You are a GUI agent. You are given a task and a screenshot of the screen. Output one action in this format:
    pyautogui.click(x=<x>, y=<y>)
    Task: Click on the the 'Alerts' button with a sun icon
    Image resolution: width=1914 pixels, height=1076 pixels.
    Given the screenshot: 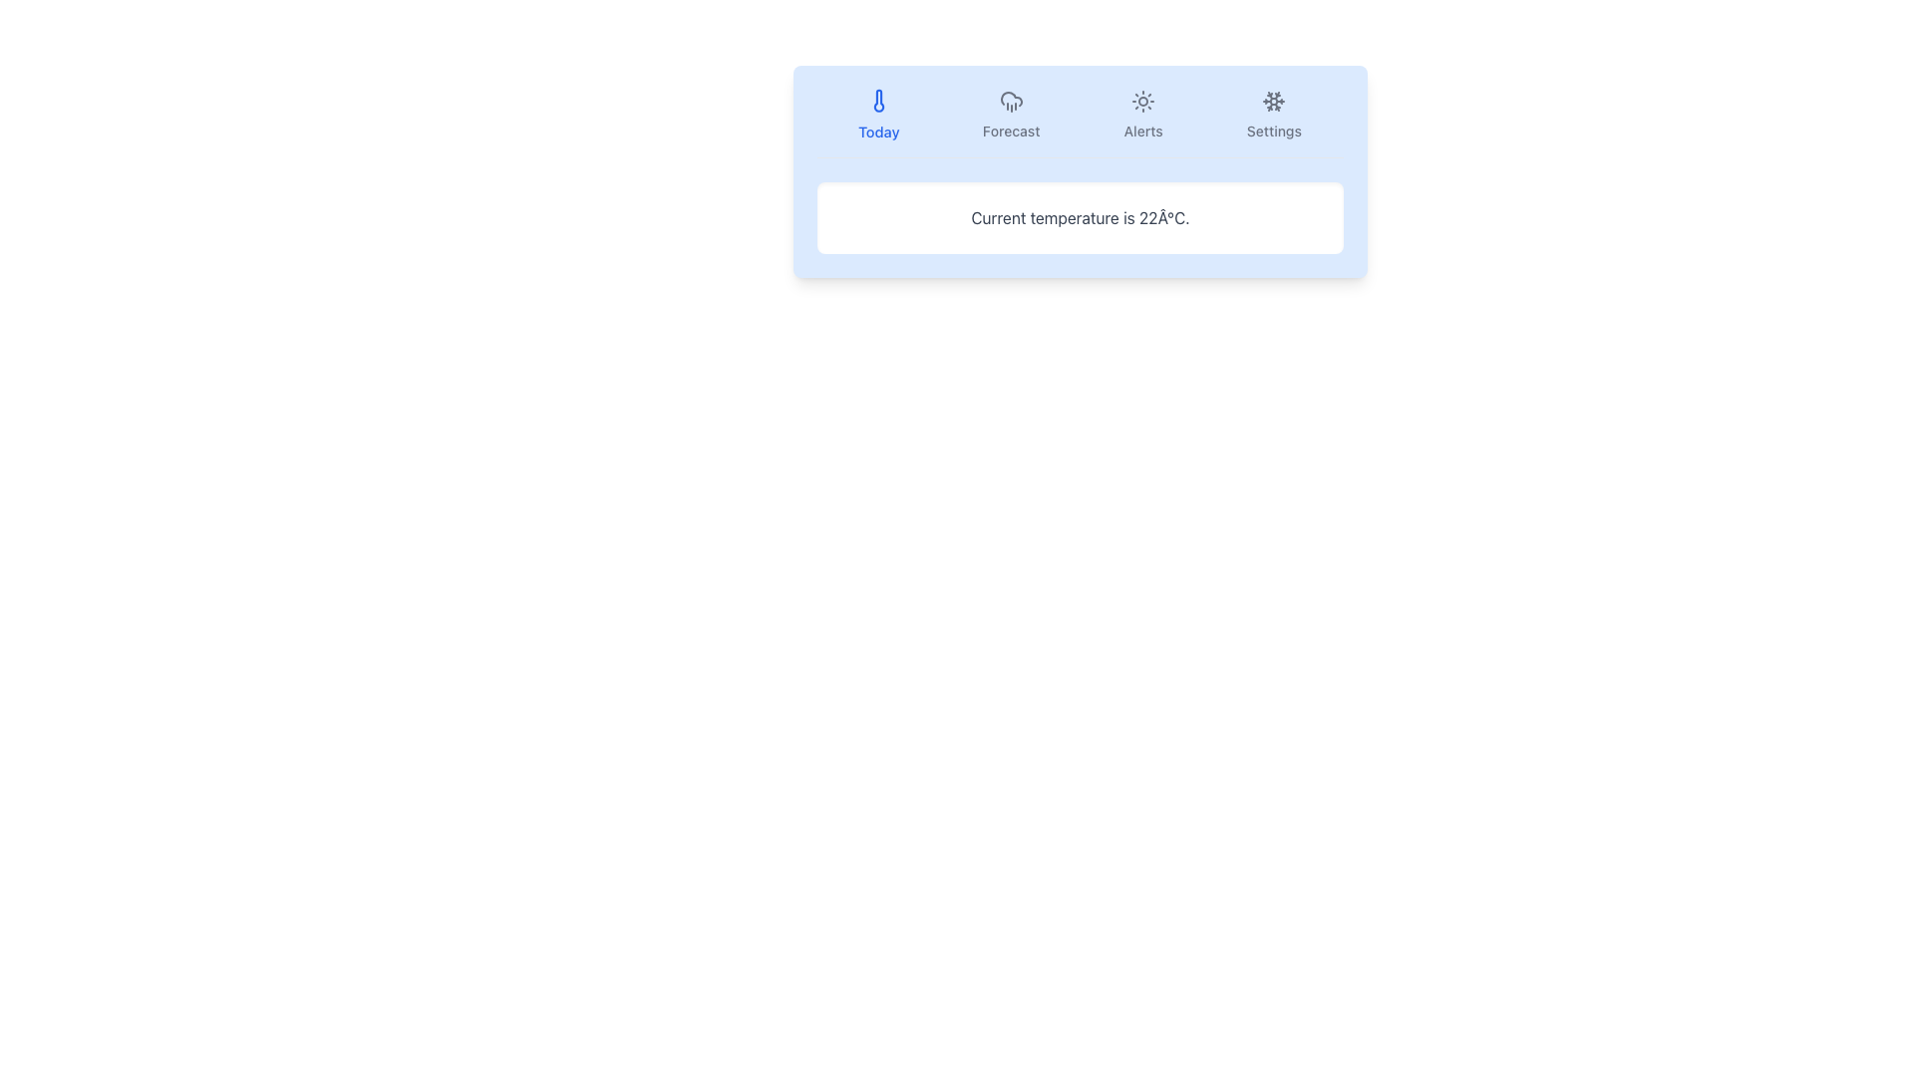 What is the action you would take?
    pyautogui.click(x=1143, y=115)
    